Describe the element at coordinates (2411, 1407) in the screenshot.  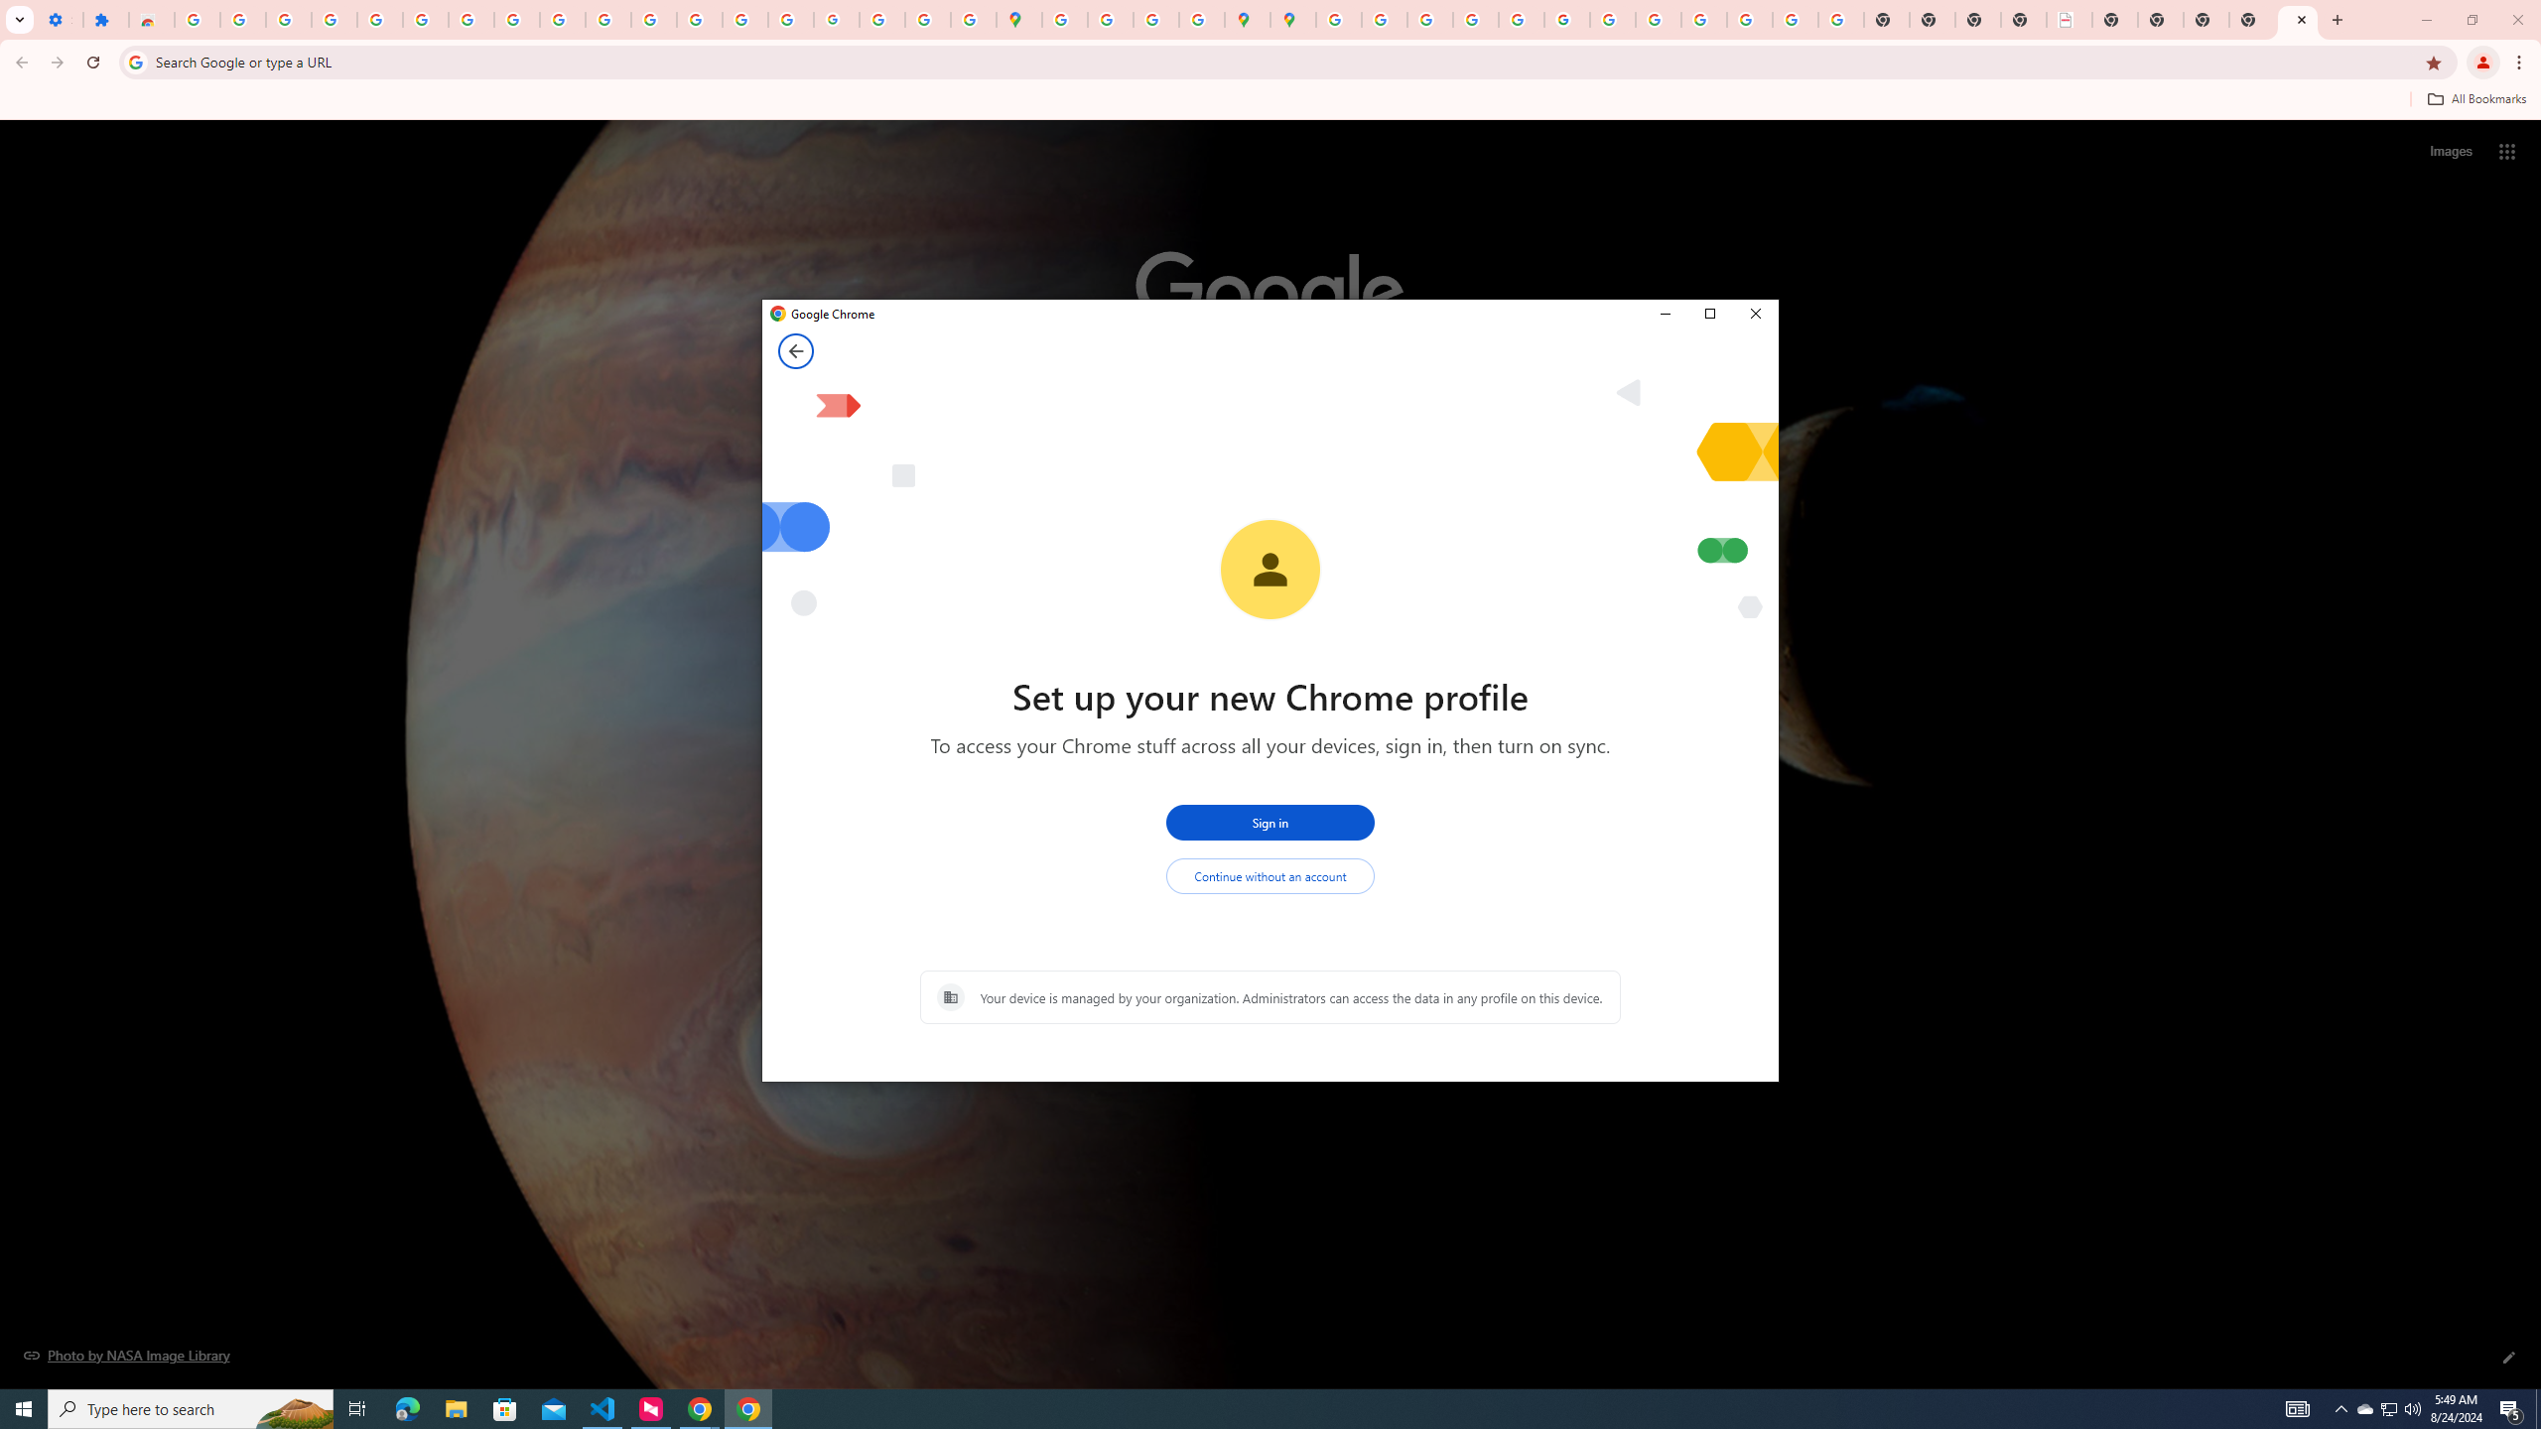
I see `'Q2790: 100%'` at that location.